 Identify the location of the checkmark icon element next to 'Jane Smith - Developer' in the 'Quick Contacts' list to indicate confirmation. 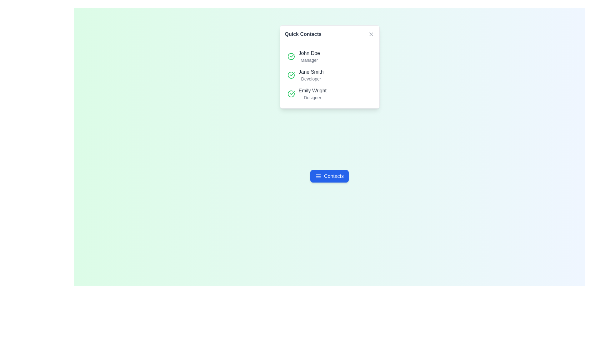
(292, 55).